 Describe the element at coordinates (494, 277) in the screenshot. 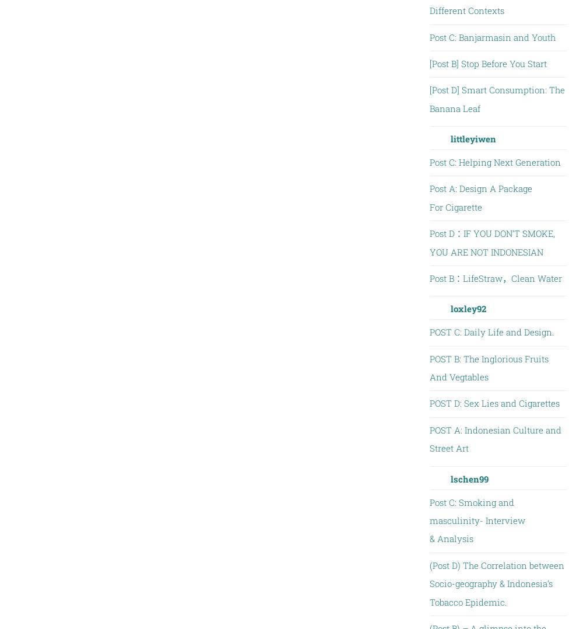

I see `'Post B：LifeStraw，Clean Water'` at that location.